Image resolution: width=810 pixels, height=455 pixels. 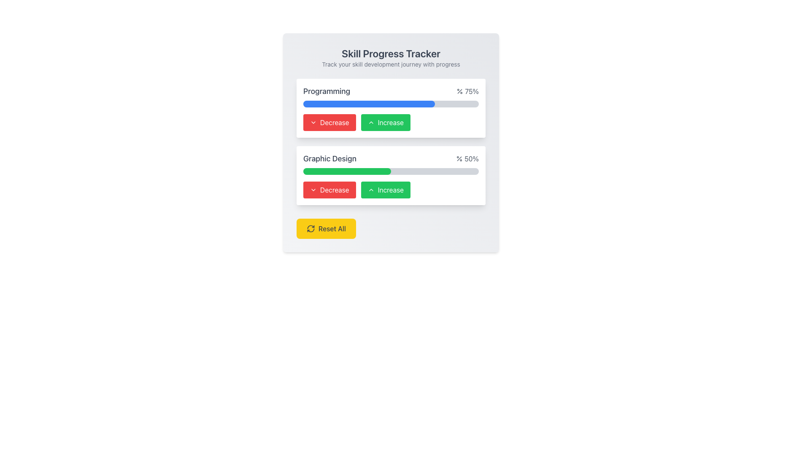 I want to click on the small upward-facing chevron icon with a green background and white stroke lines located within the 'Increase' button at the bottom-right of the 'Graphic Design' skill section, so click(x=371, y=190).